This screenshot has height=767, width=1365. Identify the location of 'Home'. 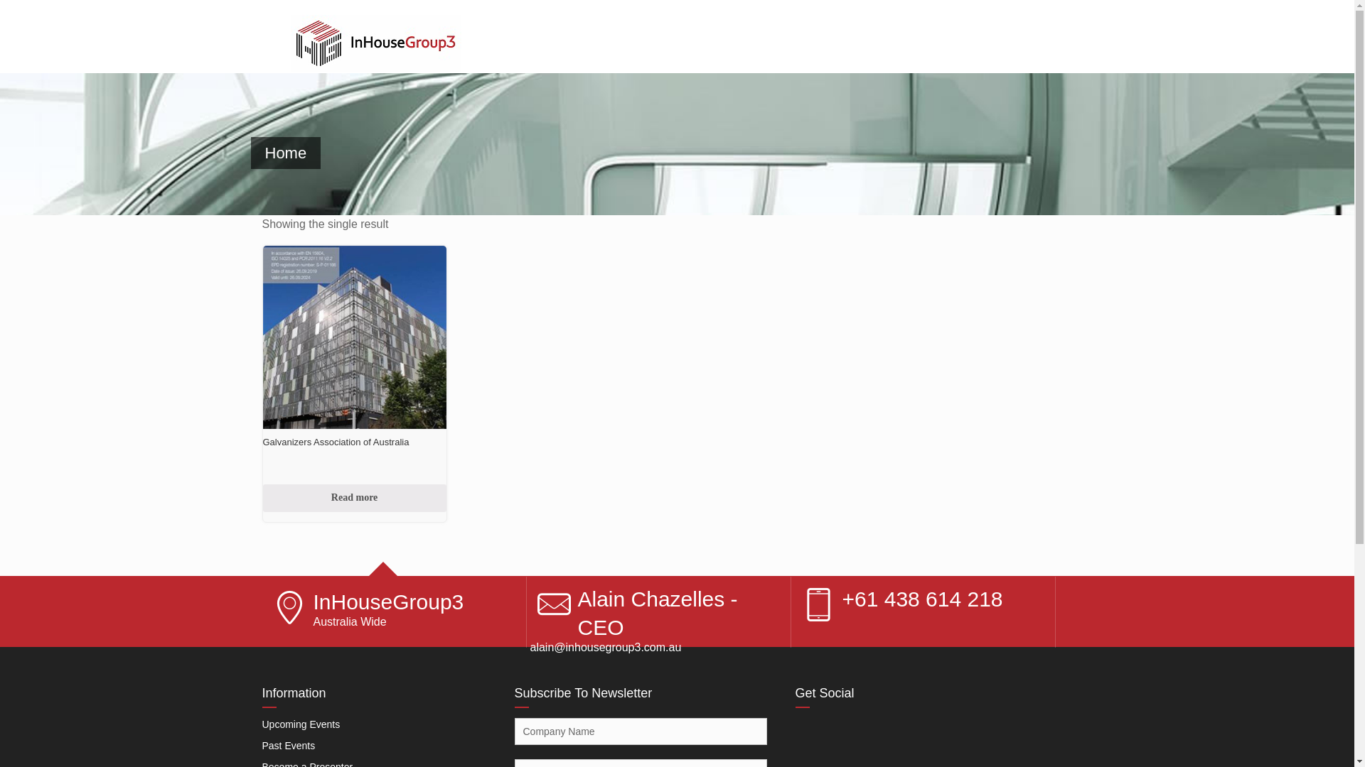
(250, 153).